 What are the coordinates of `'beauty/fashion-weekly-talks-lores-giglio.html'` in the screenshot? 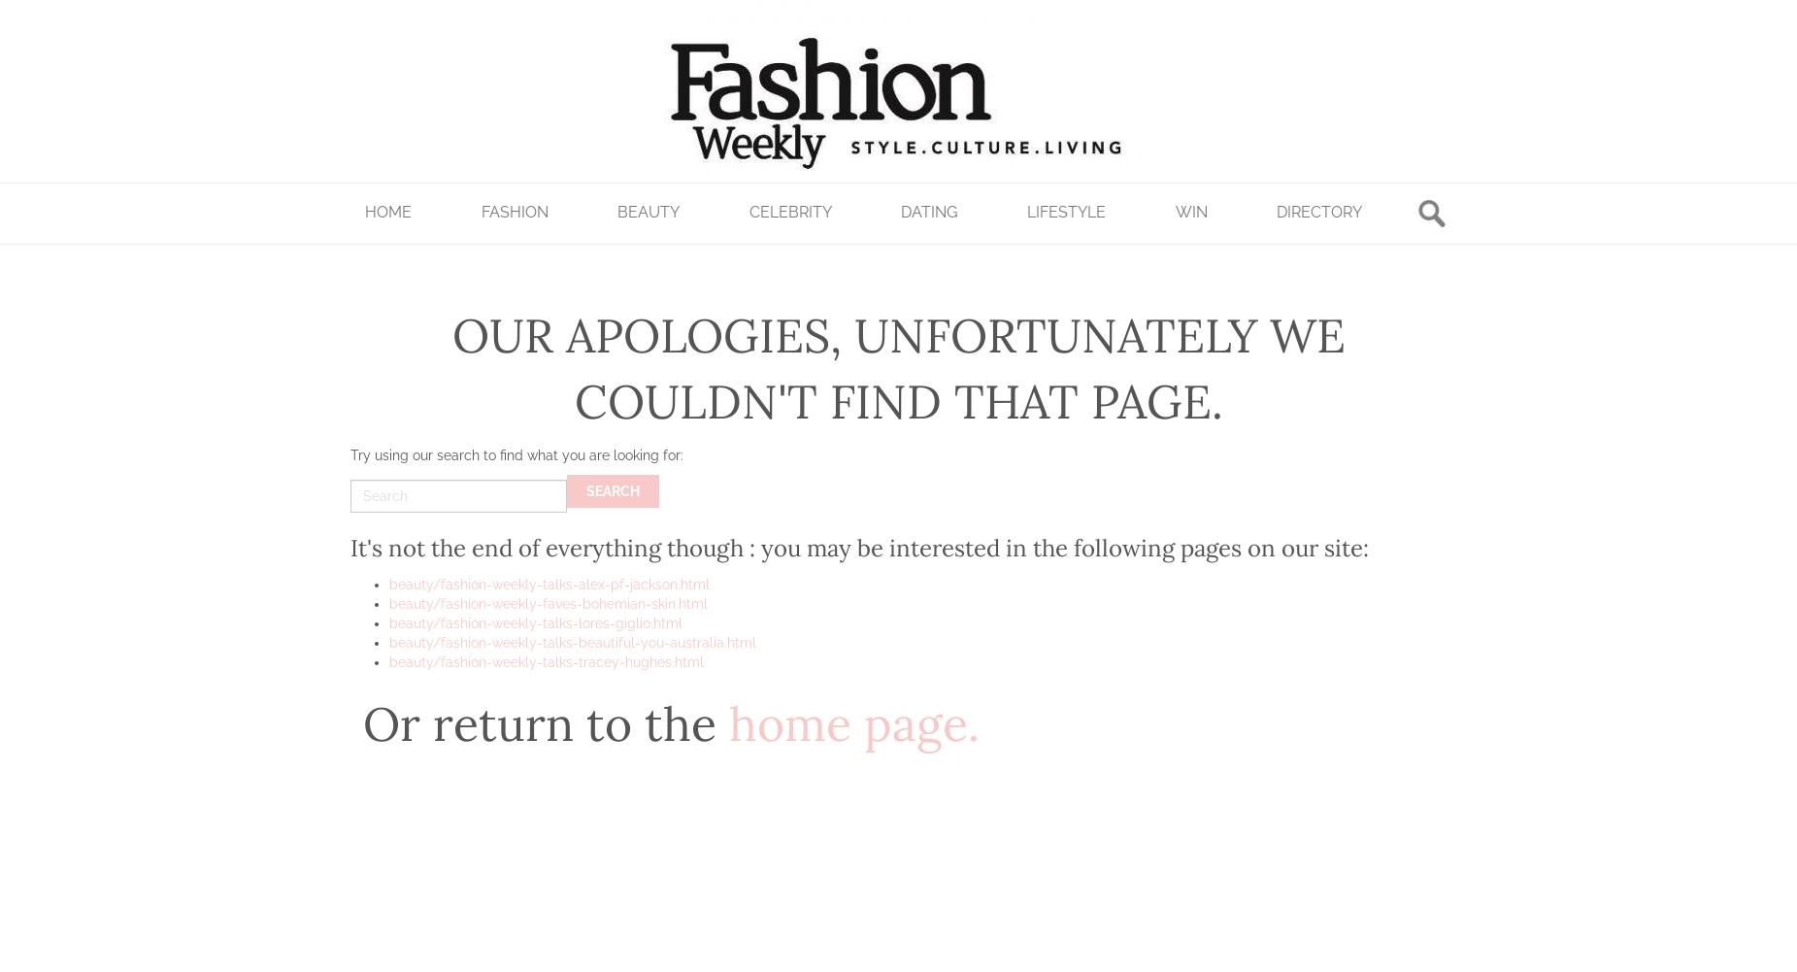 It's located at (535, 623).